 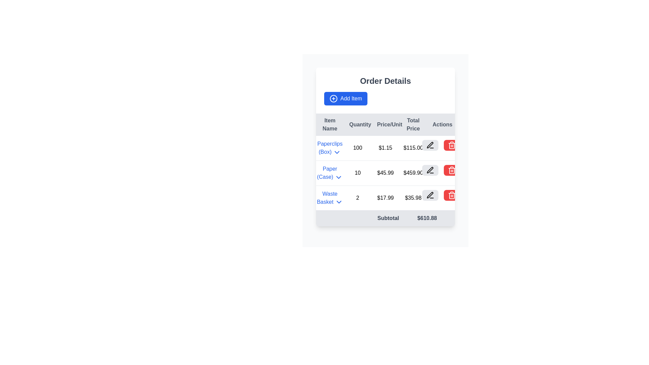 What do you see at coordinates (357, 198) in the screenshot?
I see `the text display that shows the quantity value of the 'Waste Basket' item in the table, located in the third row under the 'Quantity' column` at bounding box center [357, 198].